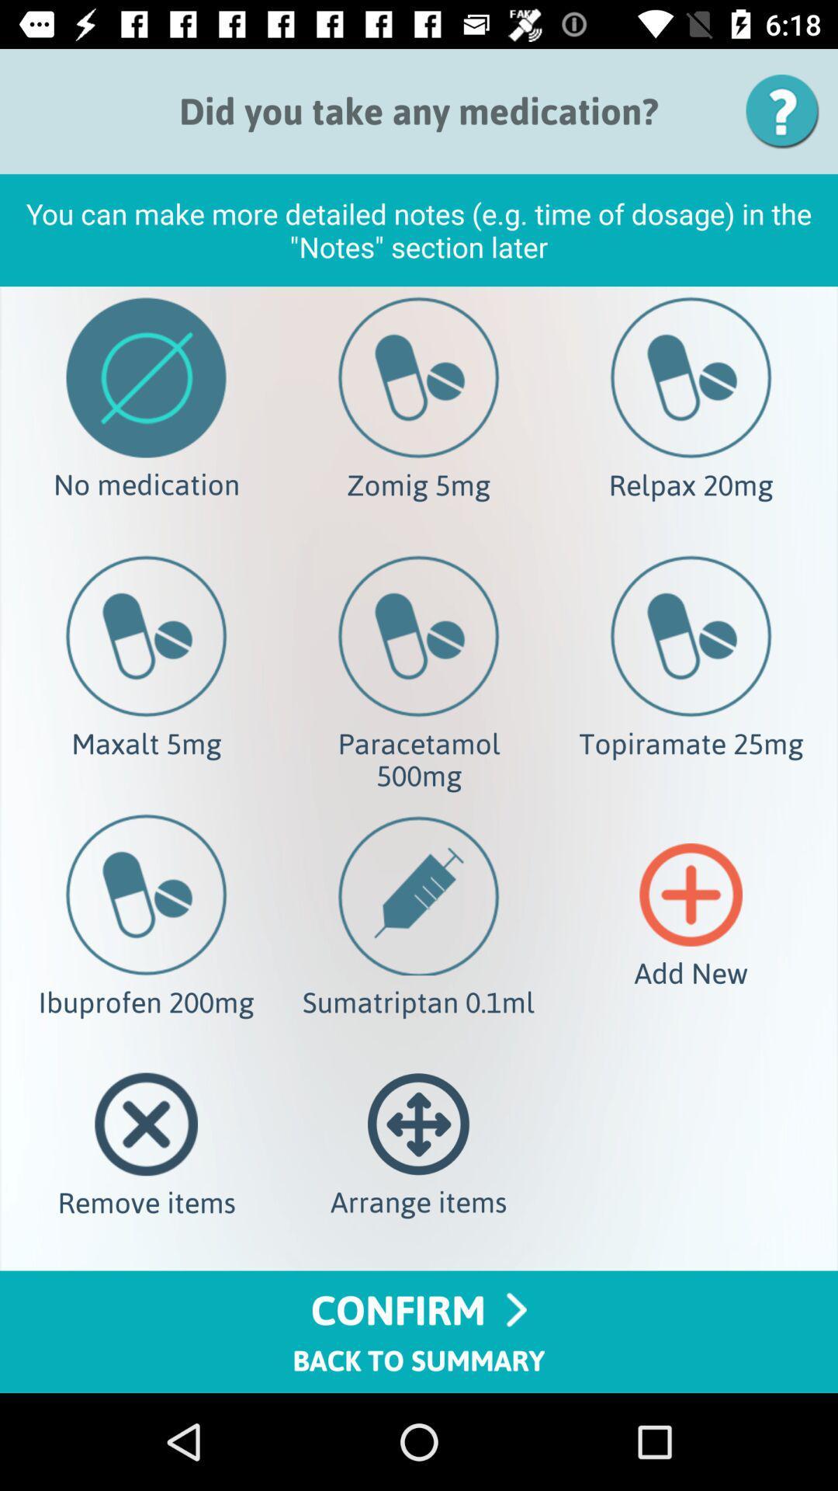 The height and width of the screenshot is (1491, 838). What do you see at coordinates (788, 110) in the screenshot?
I see `icon above you can make app` at bounding box center [788, 110].